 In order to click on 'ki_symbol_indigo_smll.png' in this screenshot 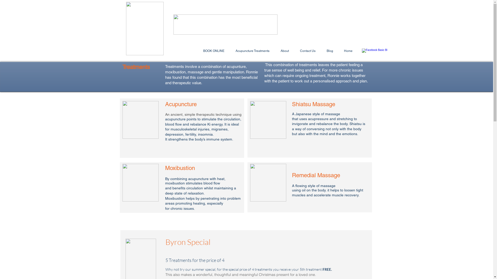, I will do `click(144, 28)`.